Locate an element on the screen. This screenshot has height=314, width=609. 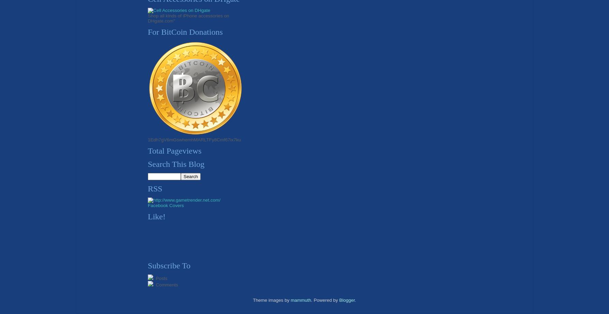
'RSS' is located at coordinates (155, 188).